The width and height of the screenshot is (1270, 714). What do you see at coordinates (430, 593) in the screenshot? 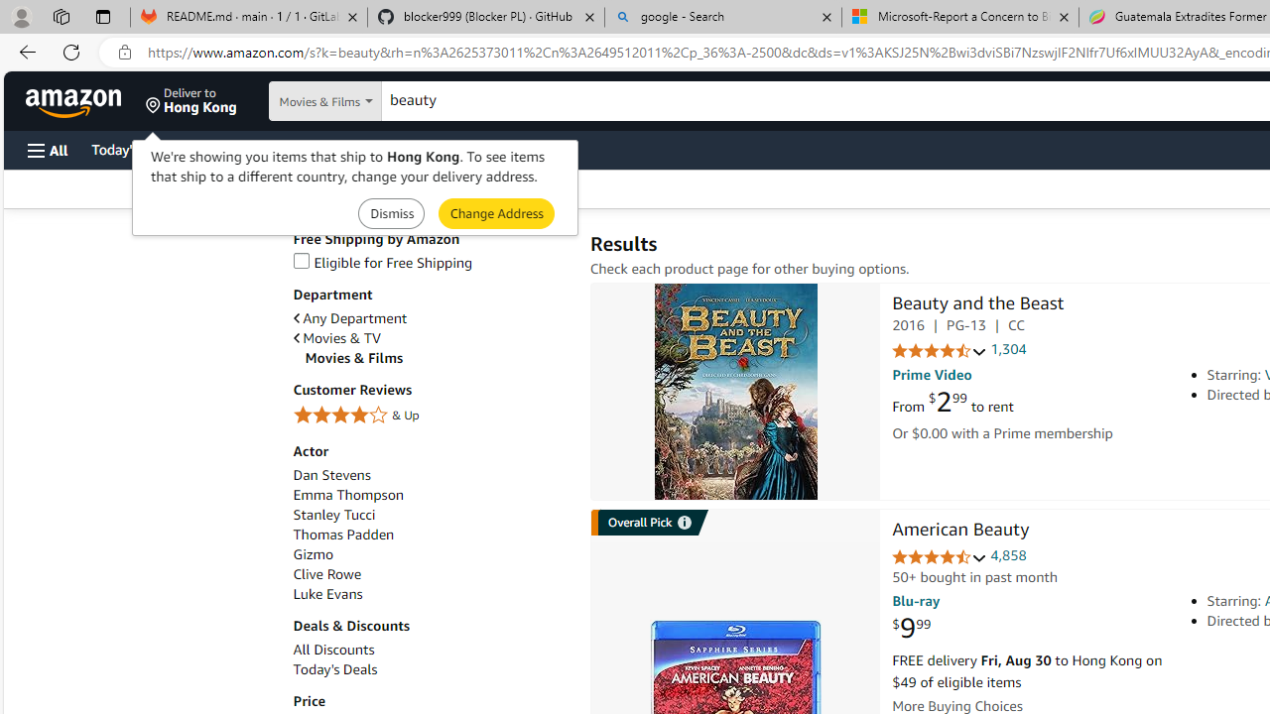
I see `'Luke Evans'` at bounding box center [430, 593].